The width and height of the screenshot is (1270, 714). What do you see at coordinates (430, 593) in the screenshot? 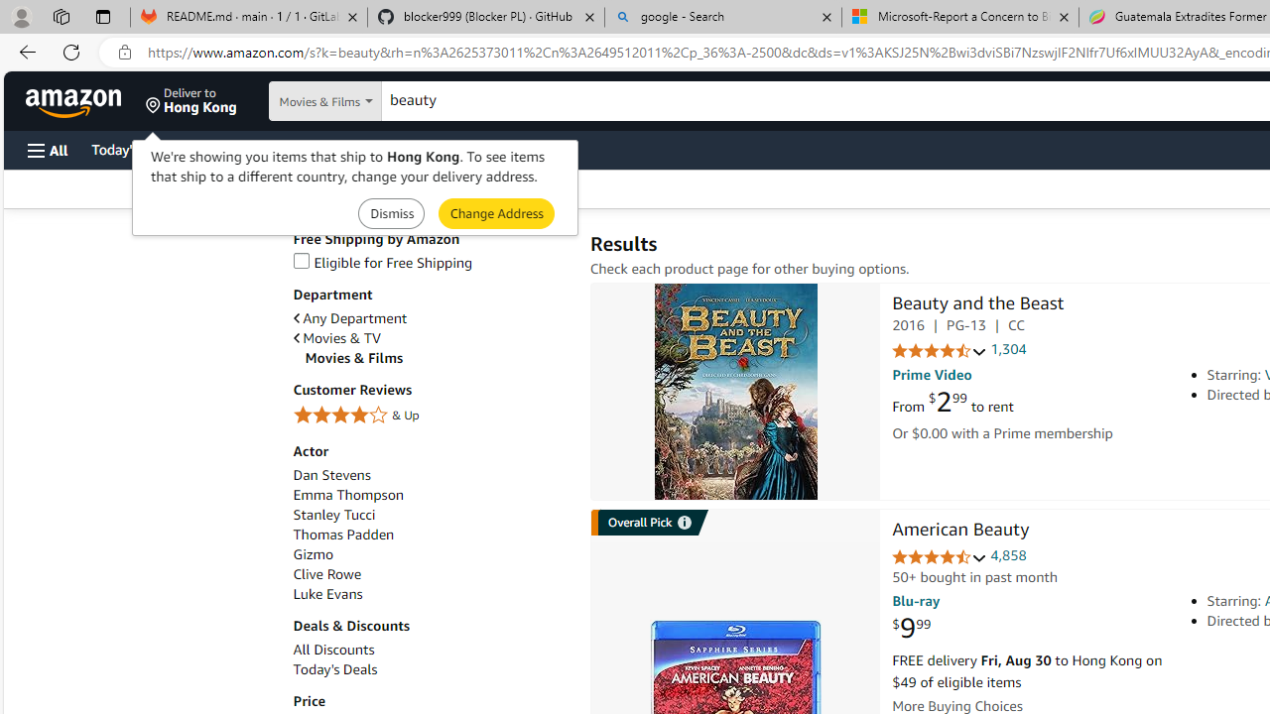
I see `'Luke Evans'` at bounding box center [430, 593].